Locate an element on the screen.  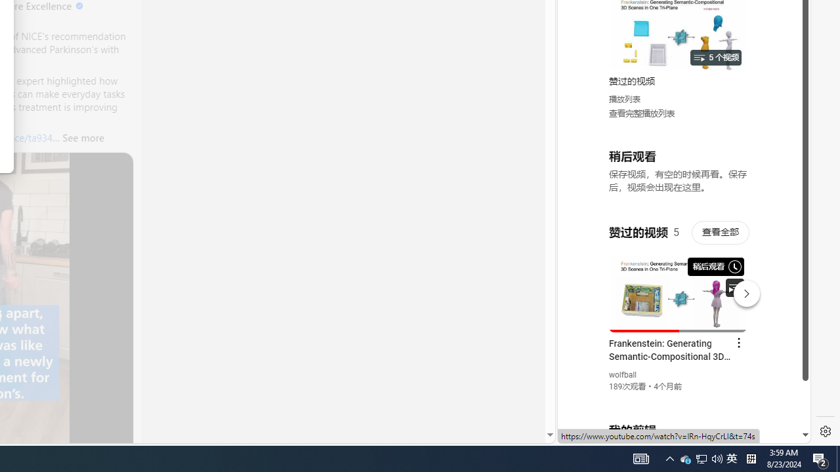
'wolfball' is located at coordinates (622, 375).